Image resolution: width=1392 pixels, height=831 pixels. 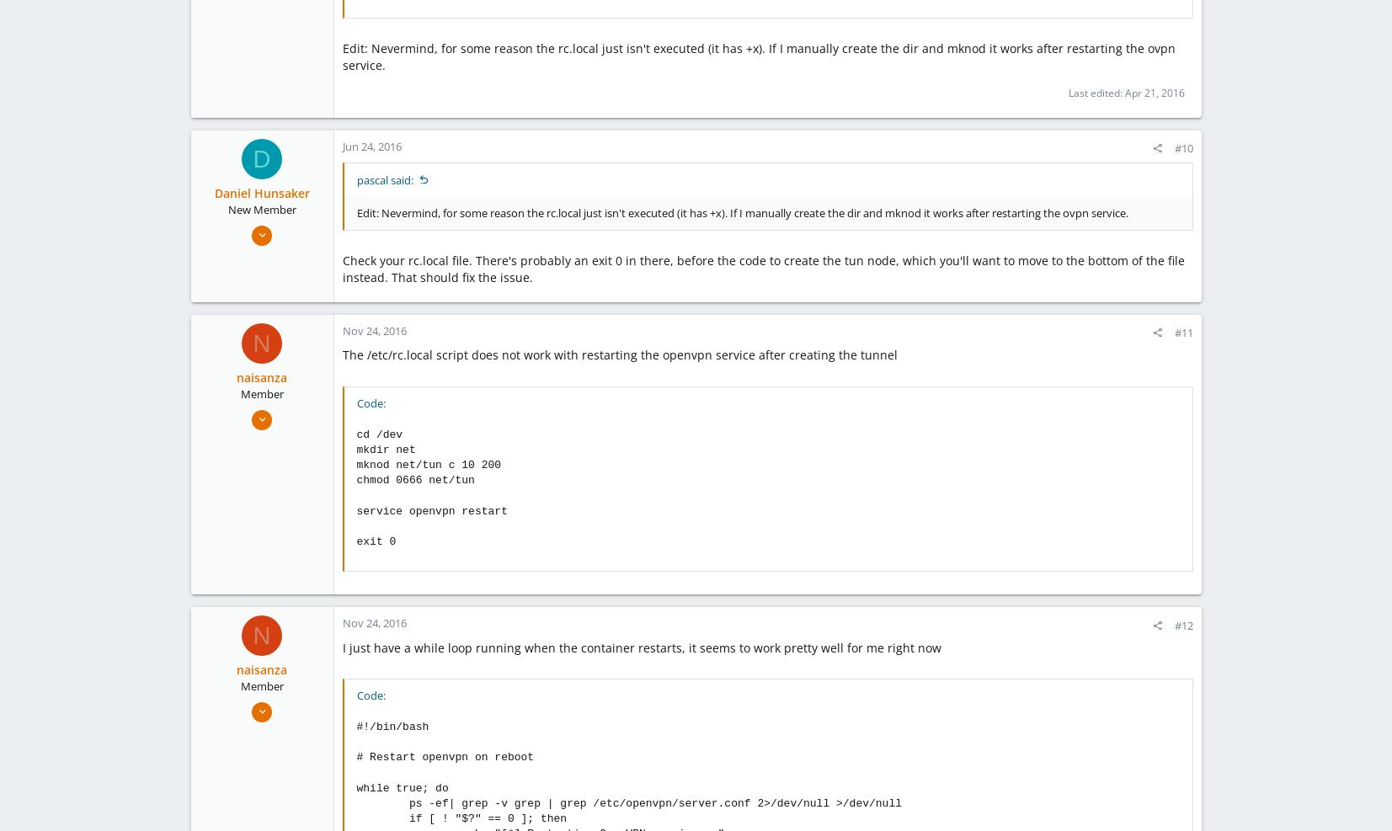 What do you see at coordinates (340, 354) in the screenshot?
I see `'The /etc/rc.local  script does not work with restarting the openvpn service after creating the tunnel'` at bounding box center [340, 354].